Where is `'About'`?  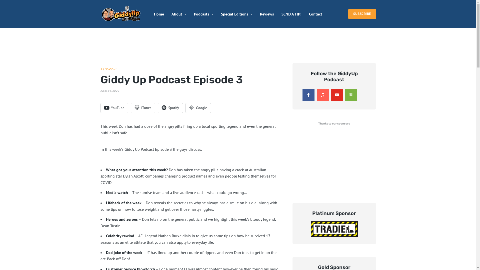
'About' is located at coordinates (171, 14).